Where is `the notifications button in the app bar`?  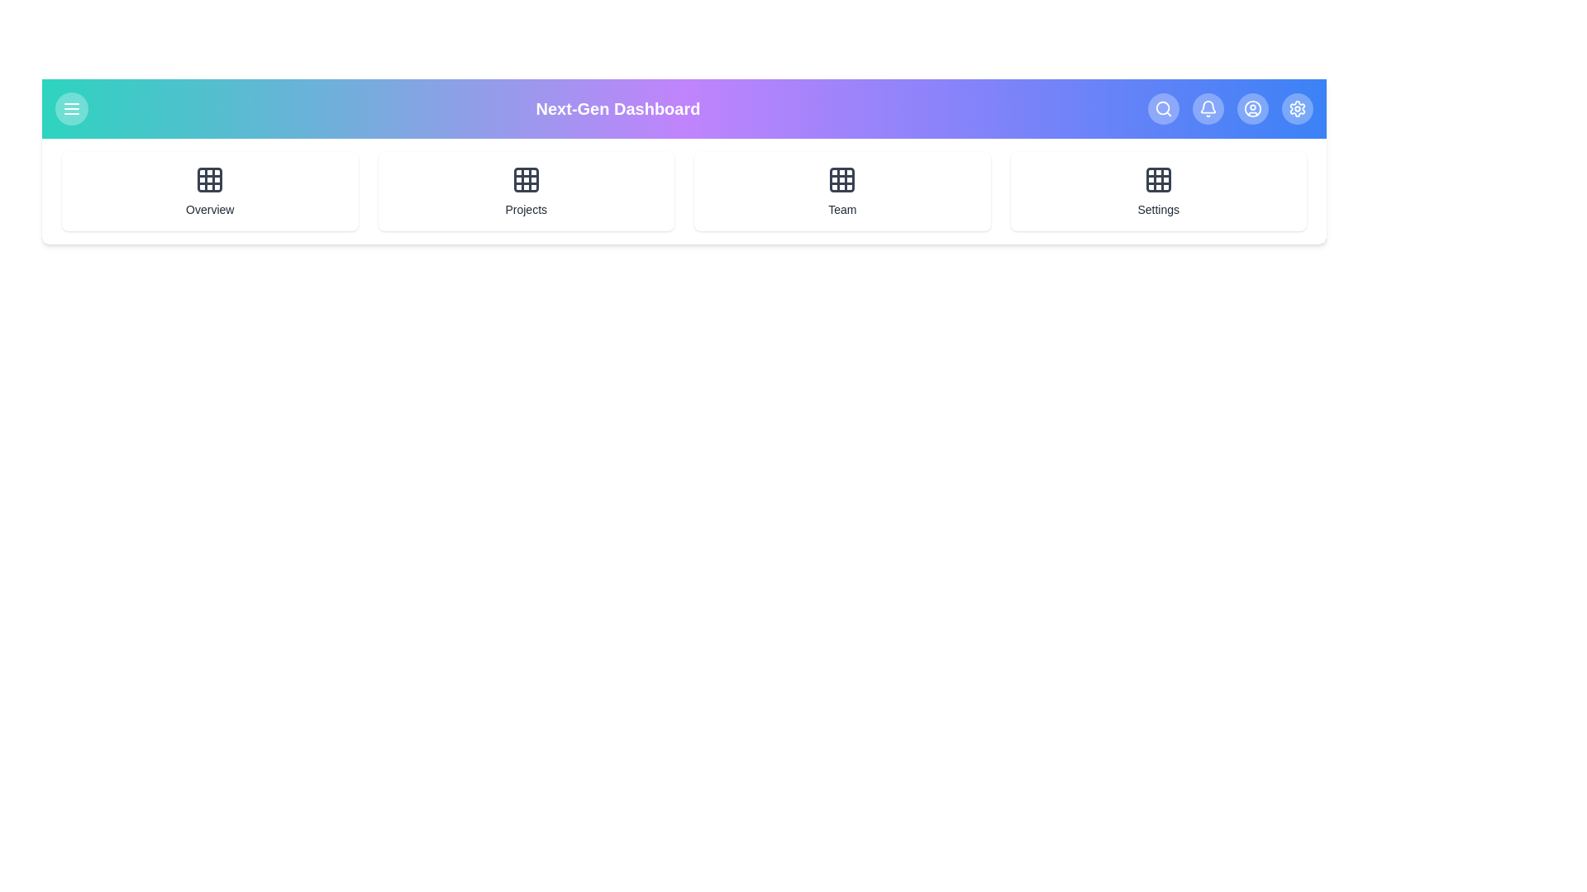 the notifications button in the app bar is located at coordinates (1208, 108).